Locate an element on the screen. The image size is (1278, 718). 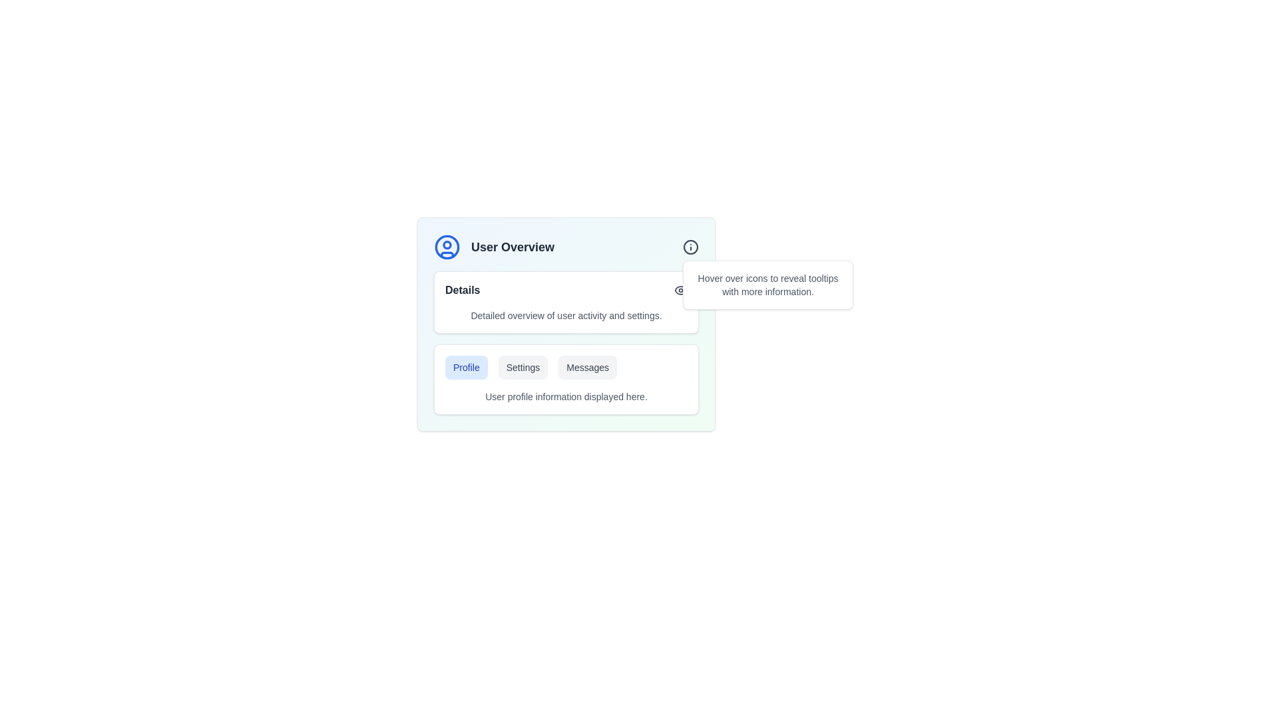
the navigational button for the profile section, which is the leftmost button in the horizontal arrangement of three buttons is located at coordinates (466, 367).